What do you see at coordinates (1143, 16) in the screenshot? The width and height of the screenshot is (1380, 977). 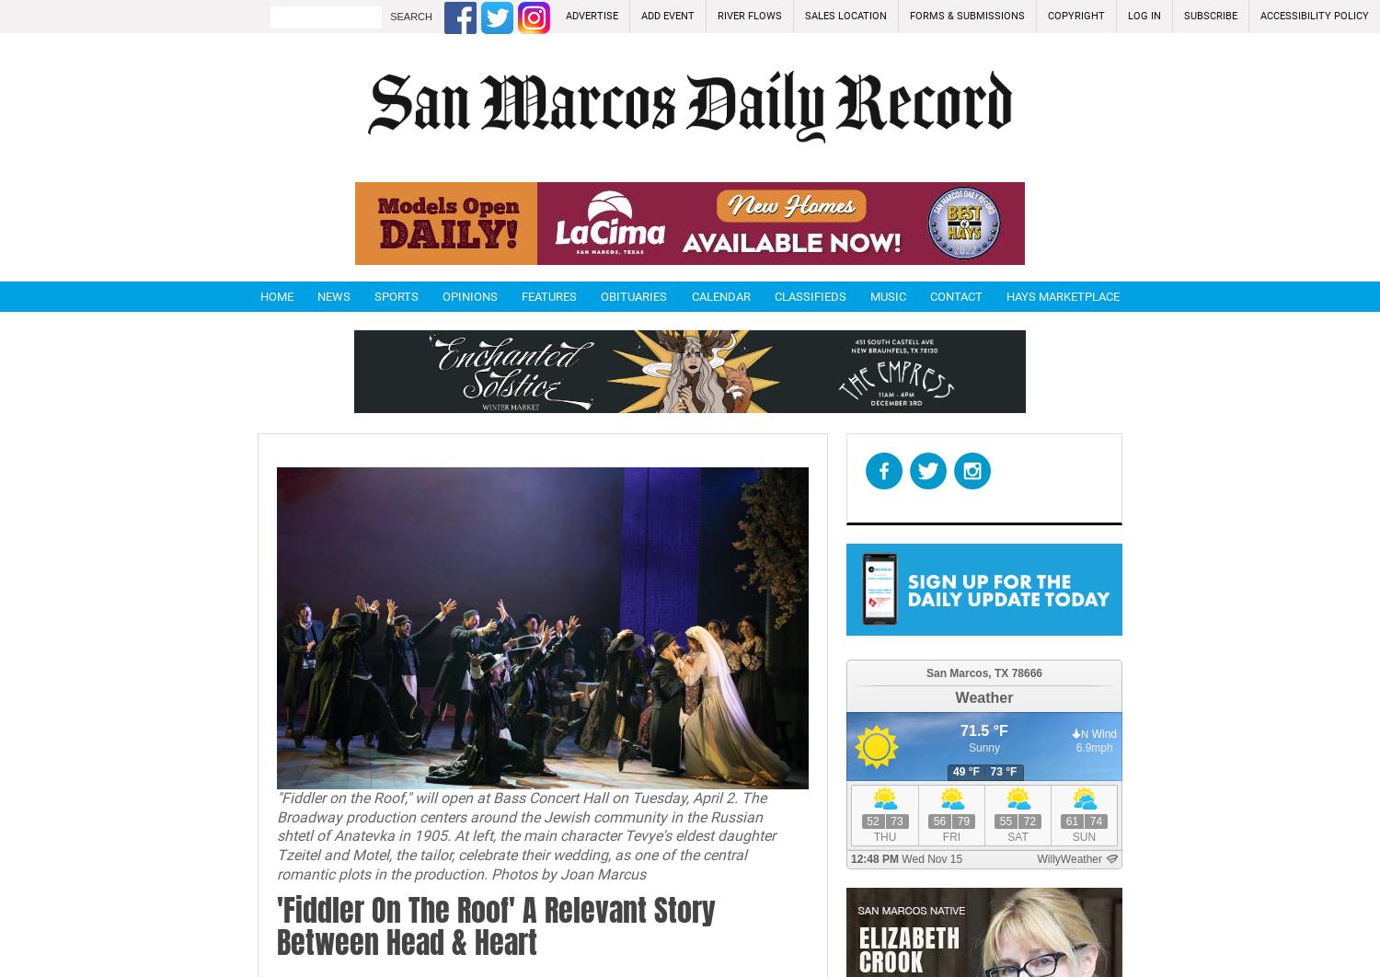 I see `'Log In'` at bounding box center [1143, 16].